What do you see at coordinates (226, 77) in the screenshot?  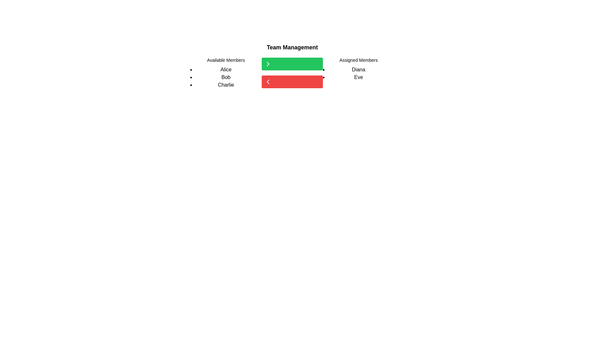 I see `the name 'Bob' in the bulleted list under 'Available Members'` at bounding box center [226, 77].